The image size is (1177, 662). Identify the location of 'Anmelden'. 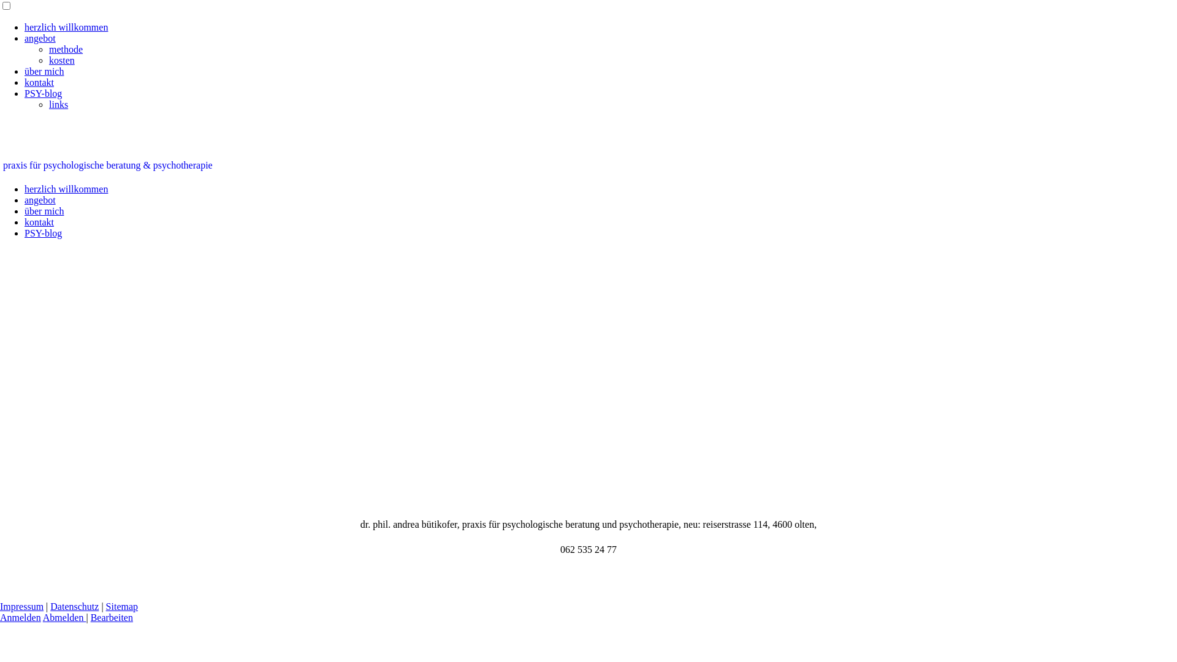
(20, 617).